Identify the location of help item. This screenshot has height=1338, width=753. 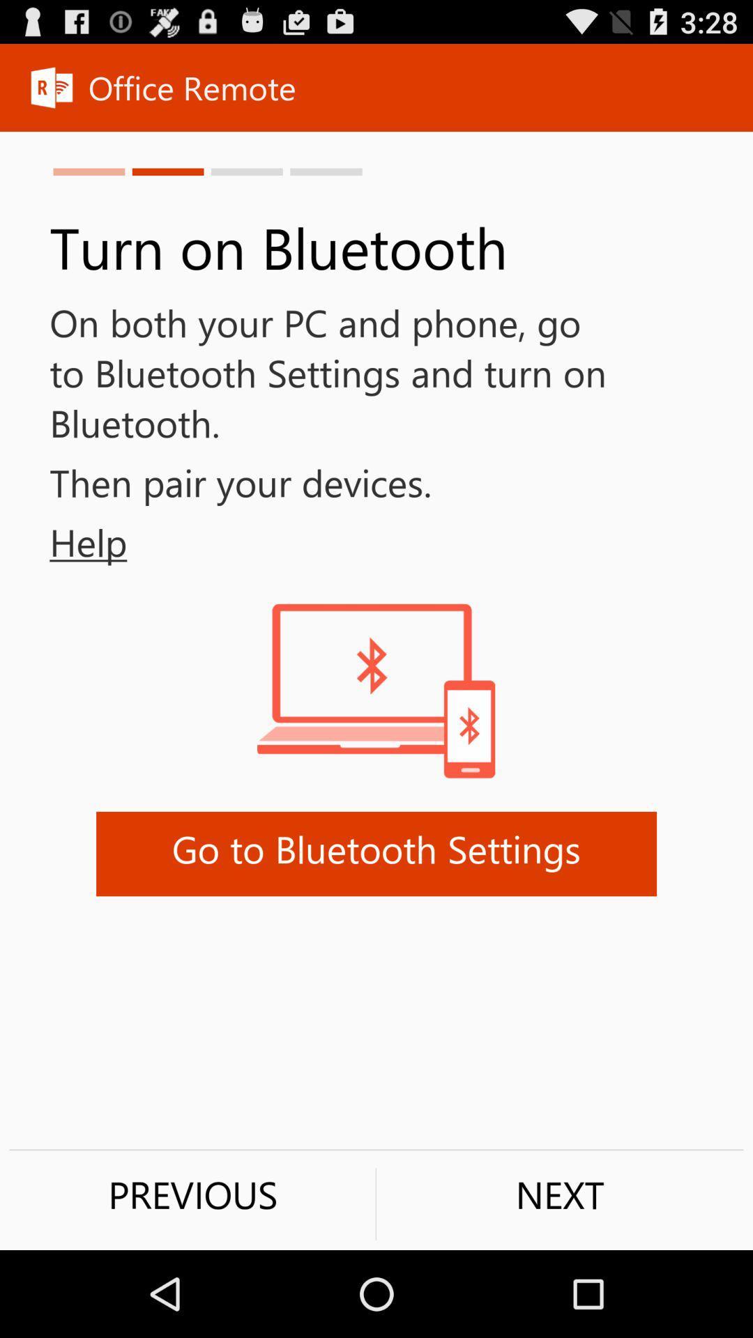
(63, 541).